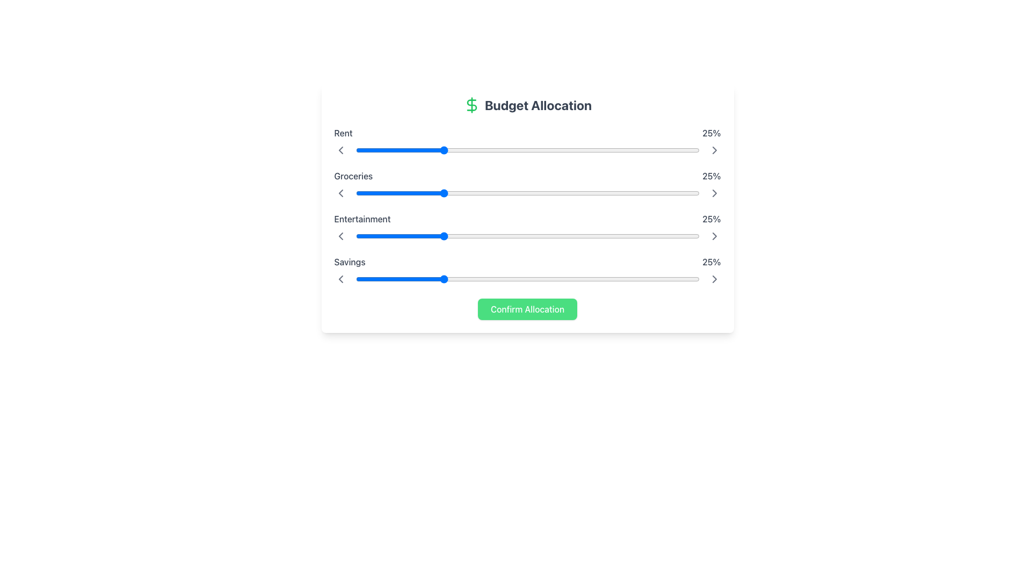  What do you see at coordinates (513, 235) in the screenshot?
I see `the slider for 'Entertainment'` at bounding box center [513, 235].